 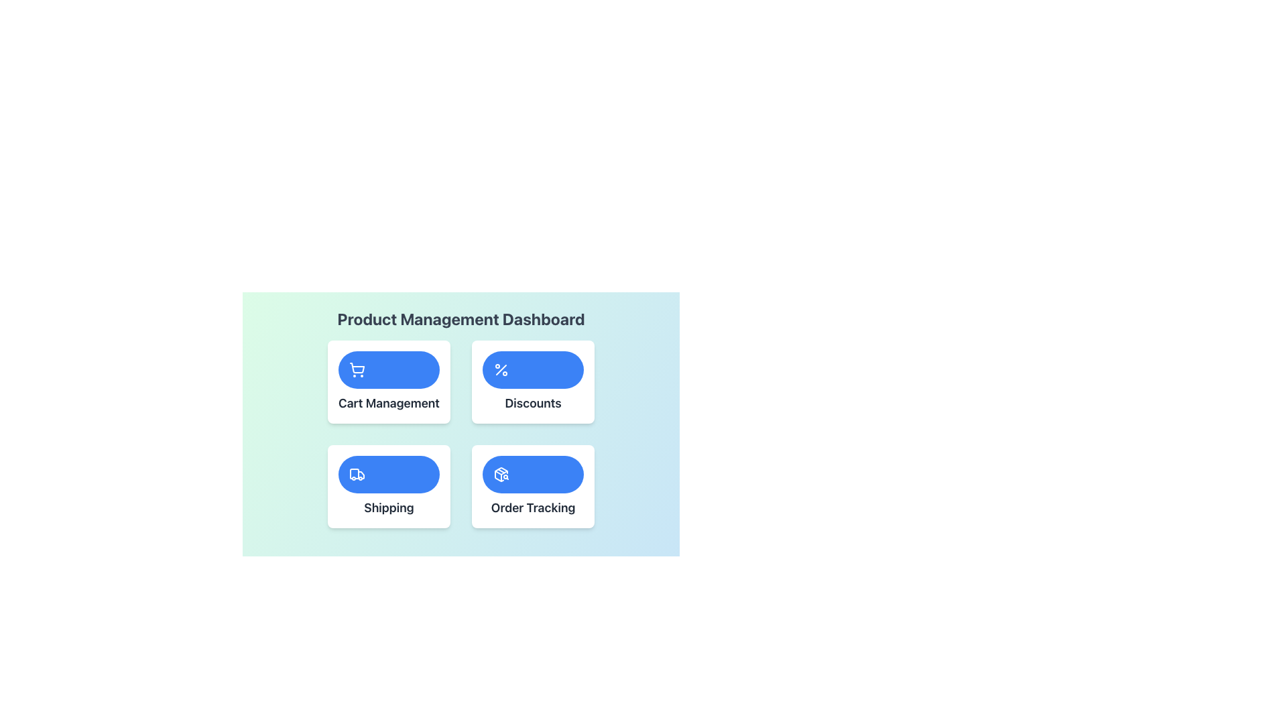 What do you see at coordinates (461, 434) in the screenshot?
I see `the grid layout containing four interactive cards for 'Cart Management,' 'Discounts,' 'Shipping,' and 'Order Tracking'` at bounding box center [461, 434].